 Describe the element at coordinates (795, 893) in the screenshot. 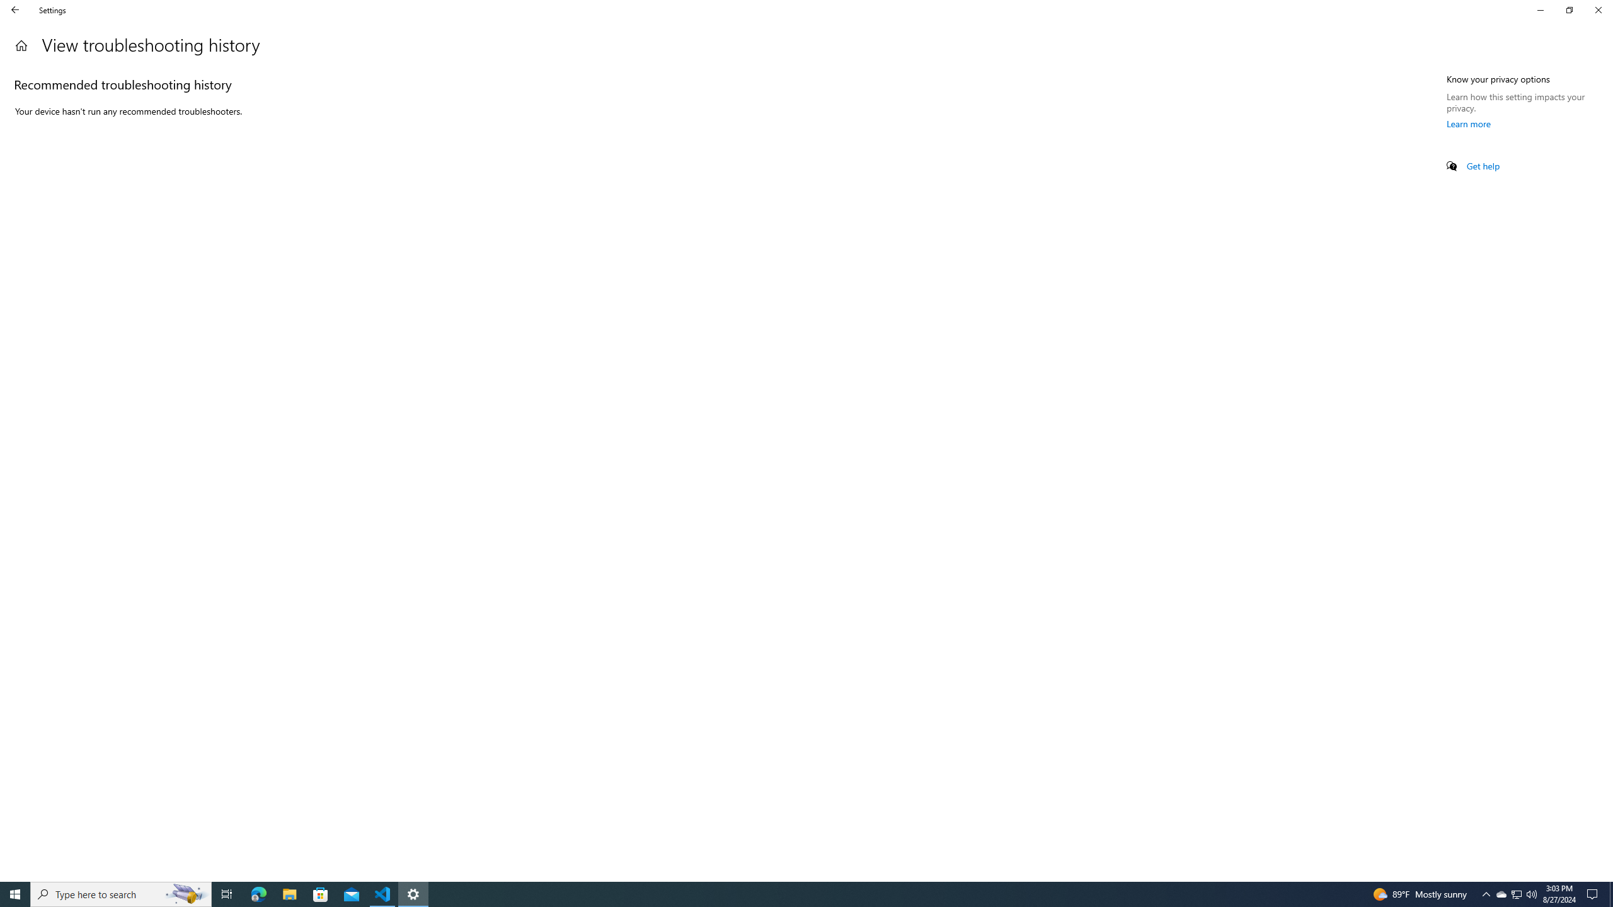

I see `'Running applications'` at that location.